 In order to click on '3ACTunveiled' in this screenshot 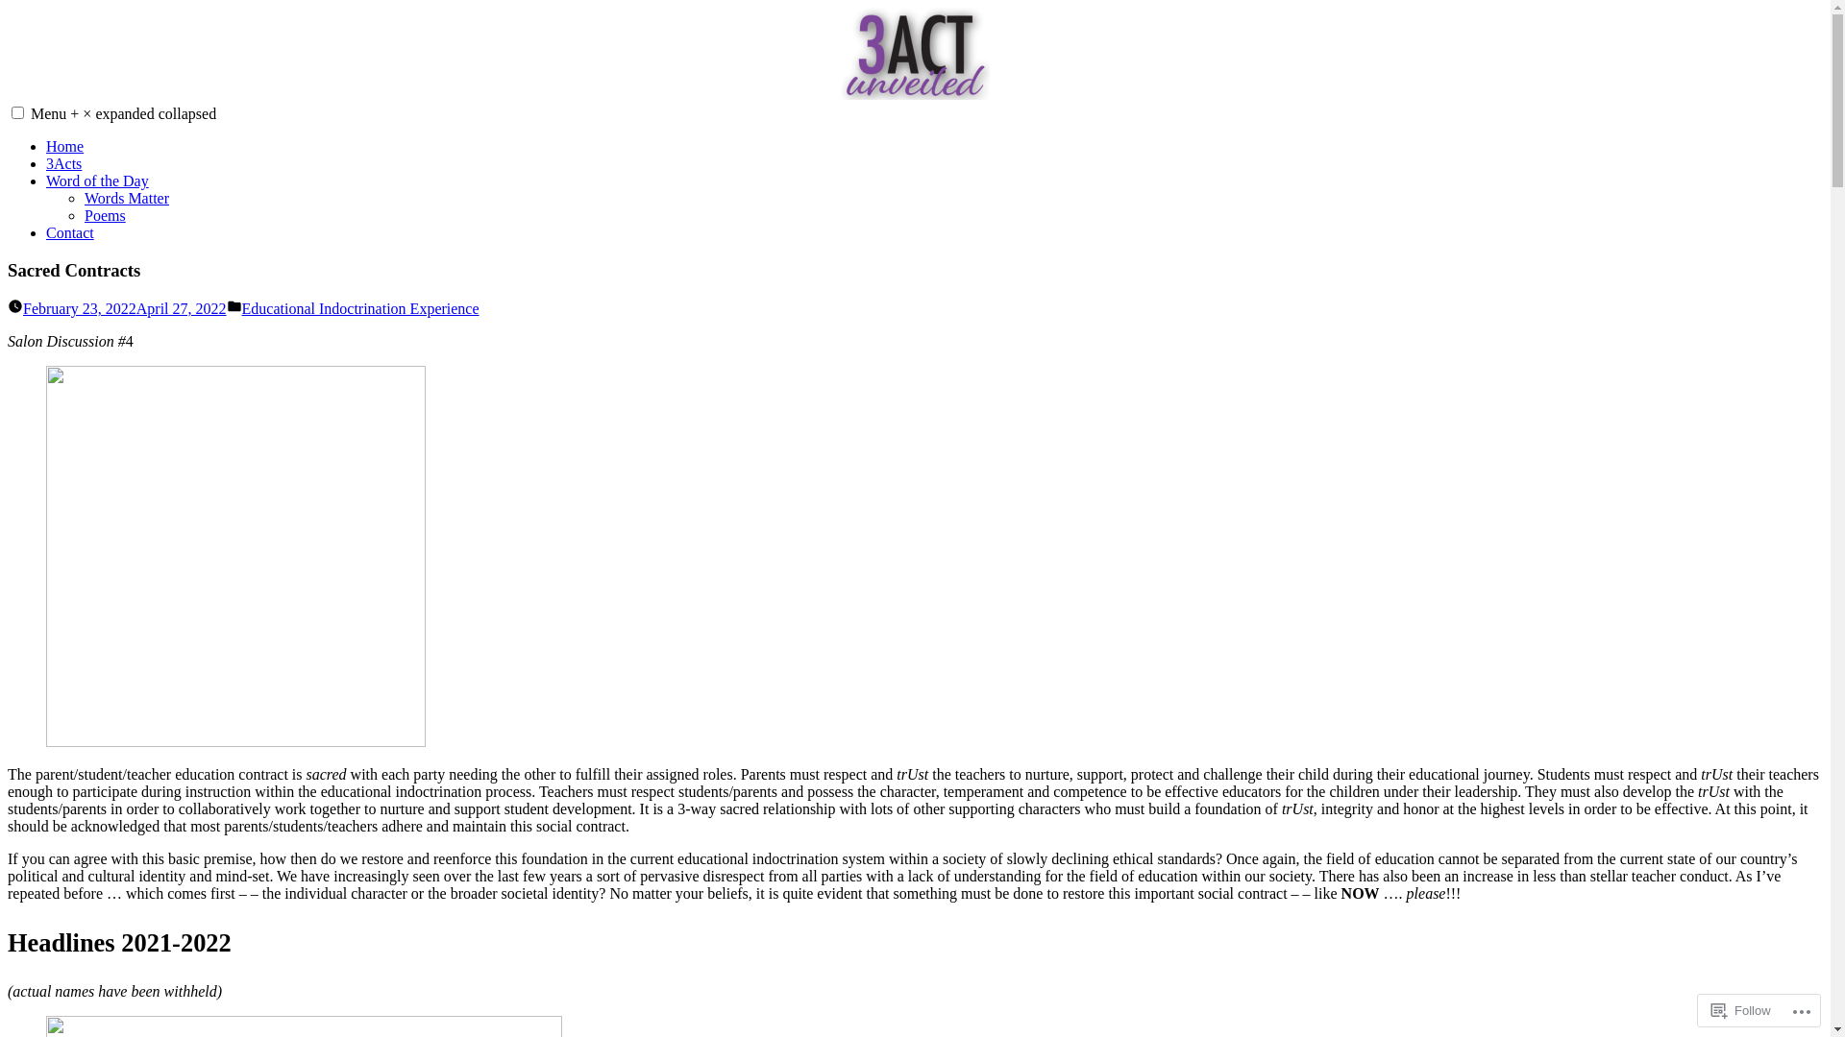, I will do `click(8, 127)`.